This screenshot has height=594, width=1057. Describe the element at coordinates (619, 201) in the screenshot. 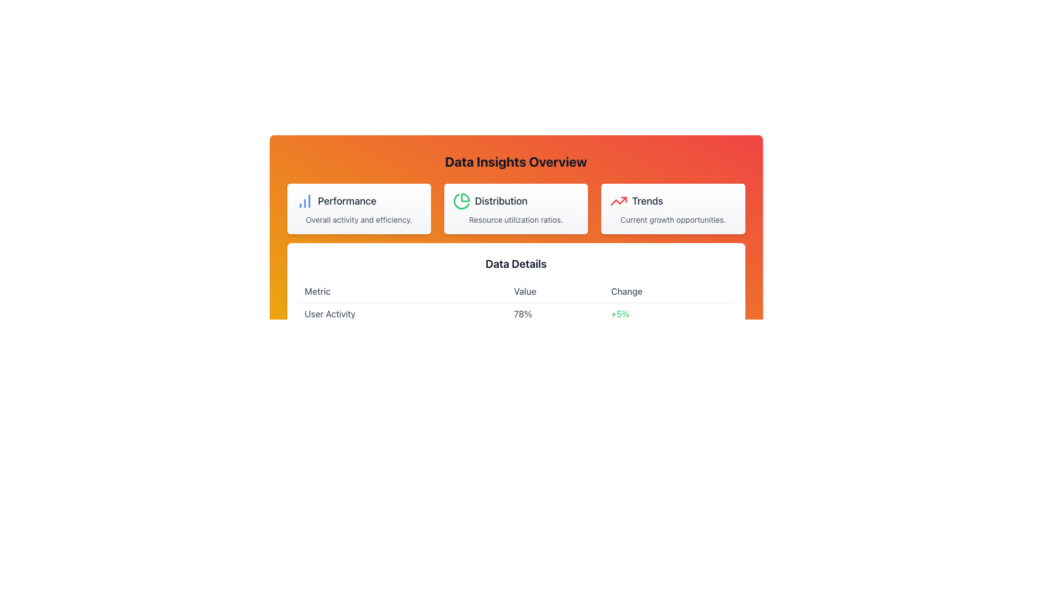

I see `the Graphical Icon Fragment in the 'Trends' section of the interface, which represents upward trends in growth or statistics` at that location.